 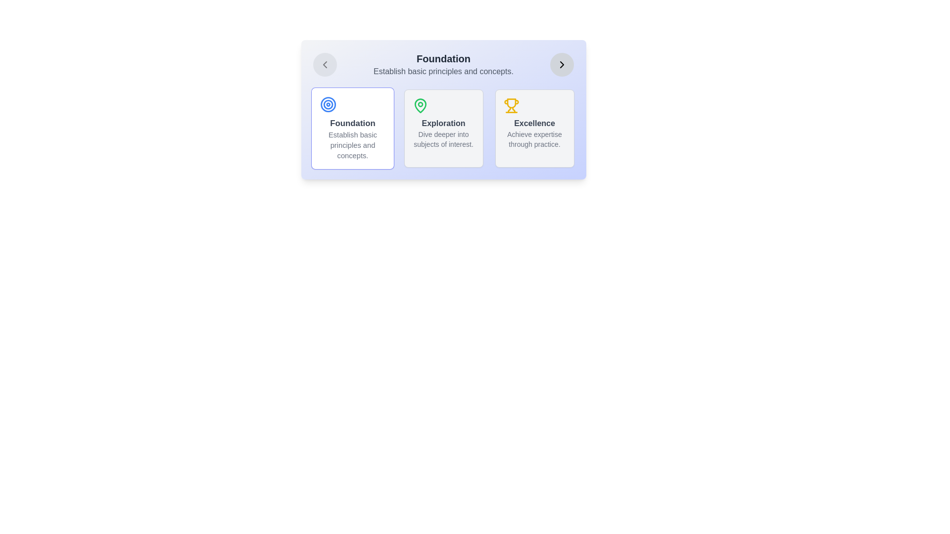 What do you see at coordinates (443, 71) in the screenshot?
I see `the text snippet reading 'Establish basic principles and concepts.' which is styled in subdued gray and located below the 'Foundation' header at the top center of the interface` at bounding box center [443, 71].